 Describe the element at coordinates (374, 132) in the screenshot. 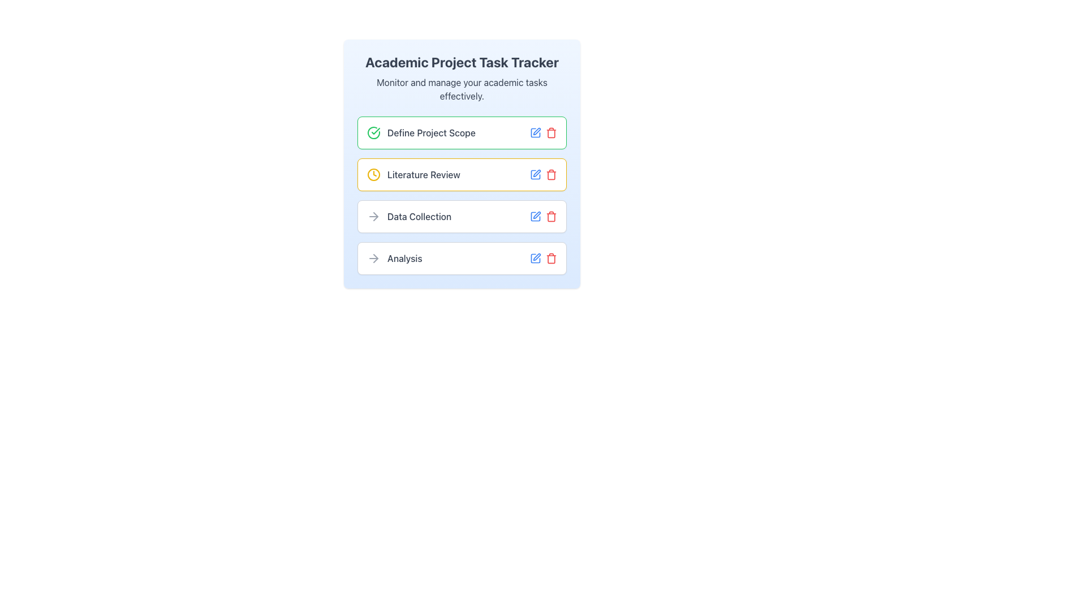

I see `the state conveyed by the green circle icon with a checkmark, located to the left of the text 'Define Project Scope'` at that location.